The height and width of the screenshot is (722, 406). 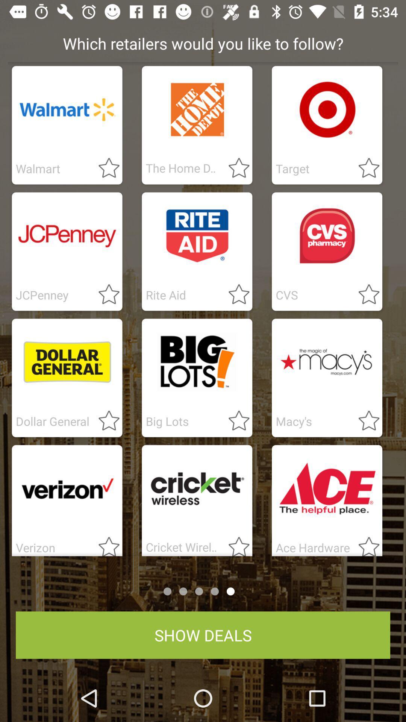 I want to click on it as star marked, so click(x=364, y=421).